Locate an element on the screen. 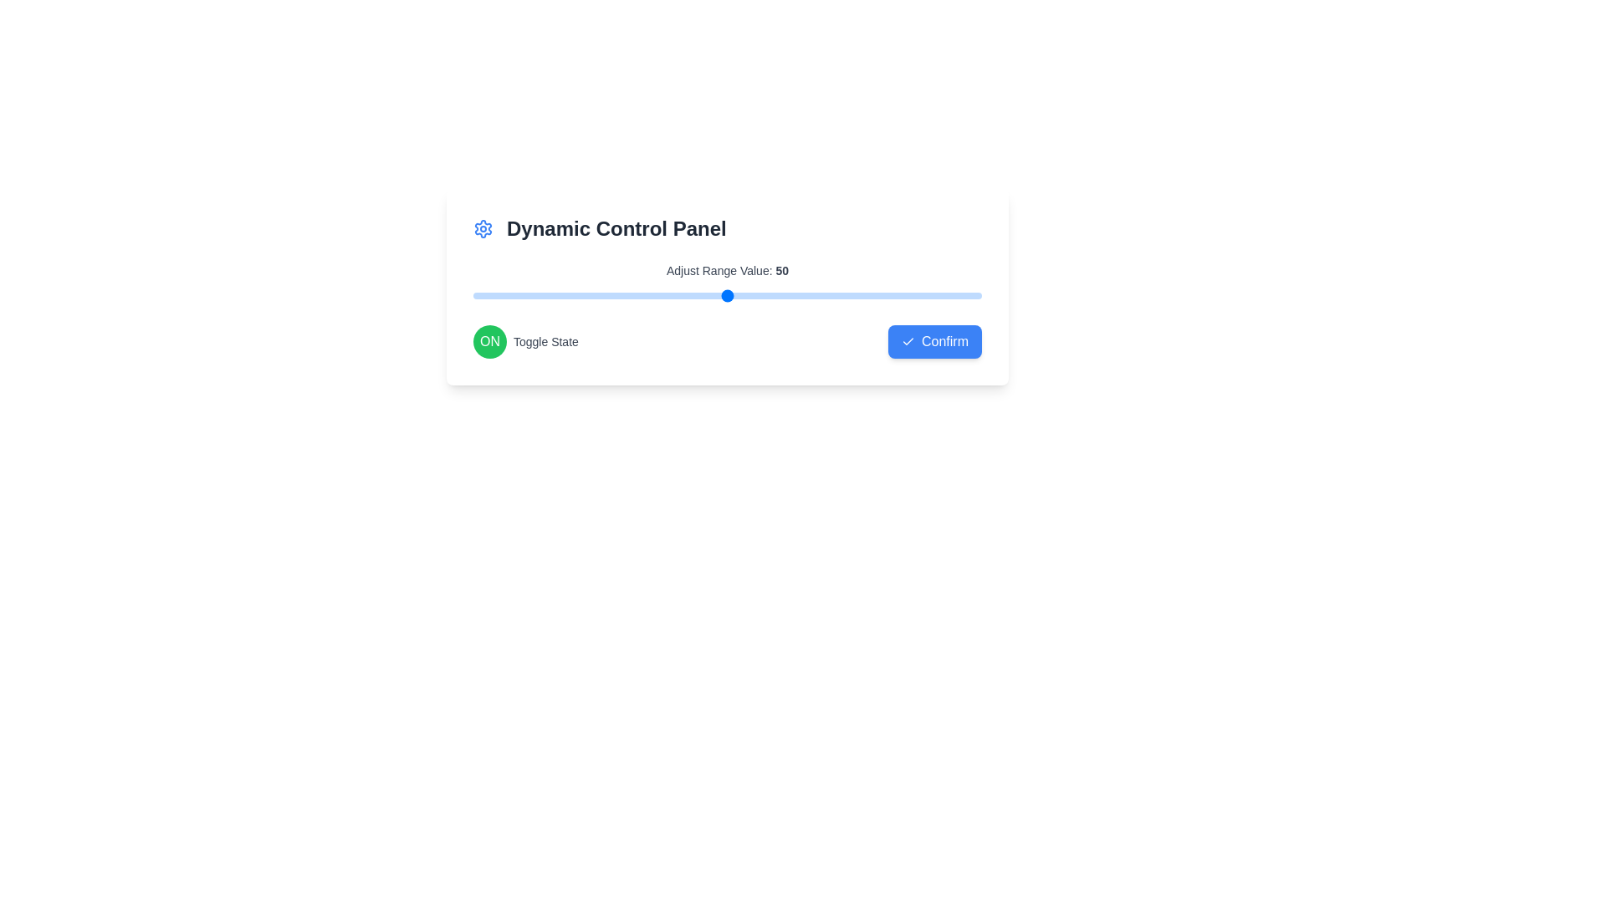 The width and height of the screenshot is (1606, 903). the text label that says 'Toggle State', which is styled in gray and positioned to the right of the green circular button labeled 'ON' is located at coordinates (545, 340).